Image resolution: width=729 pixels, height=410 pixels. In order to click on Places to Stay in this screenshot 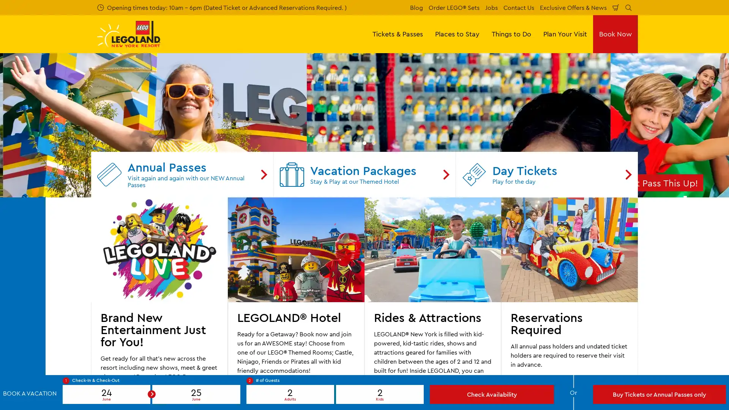, I will do `click(457, 33)`.